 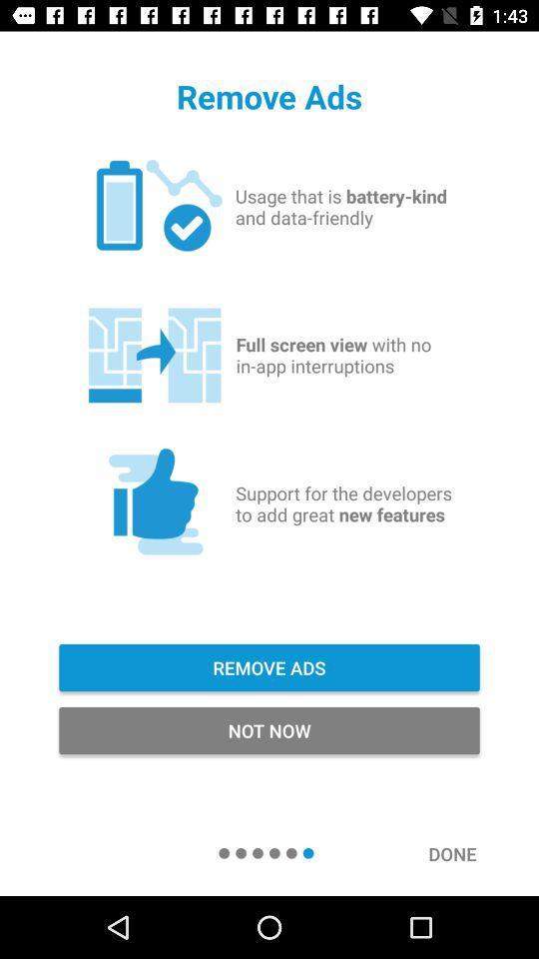 What do you see at coordinates (269, 729) in the screenshot?
I see `the not now item` at bounding box center [269, 729].